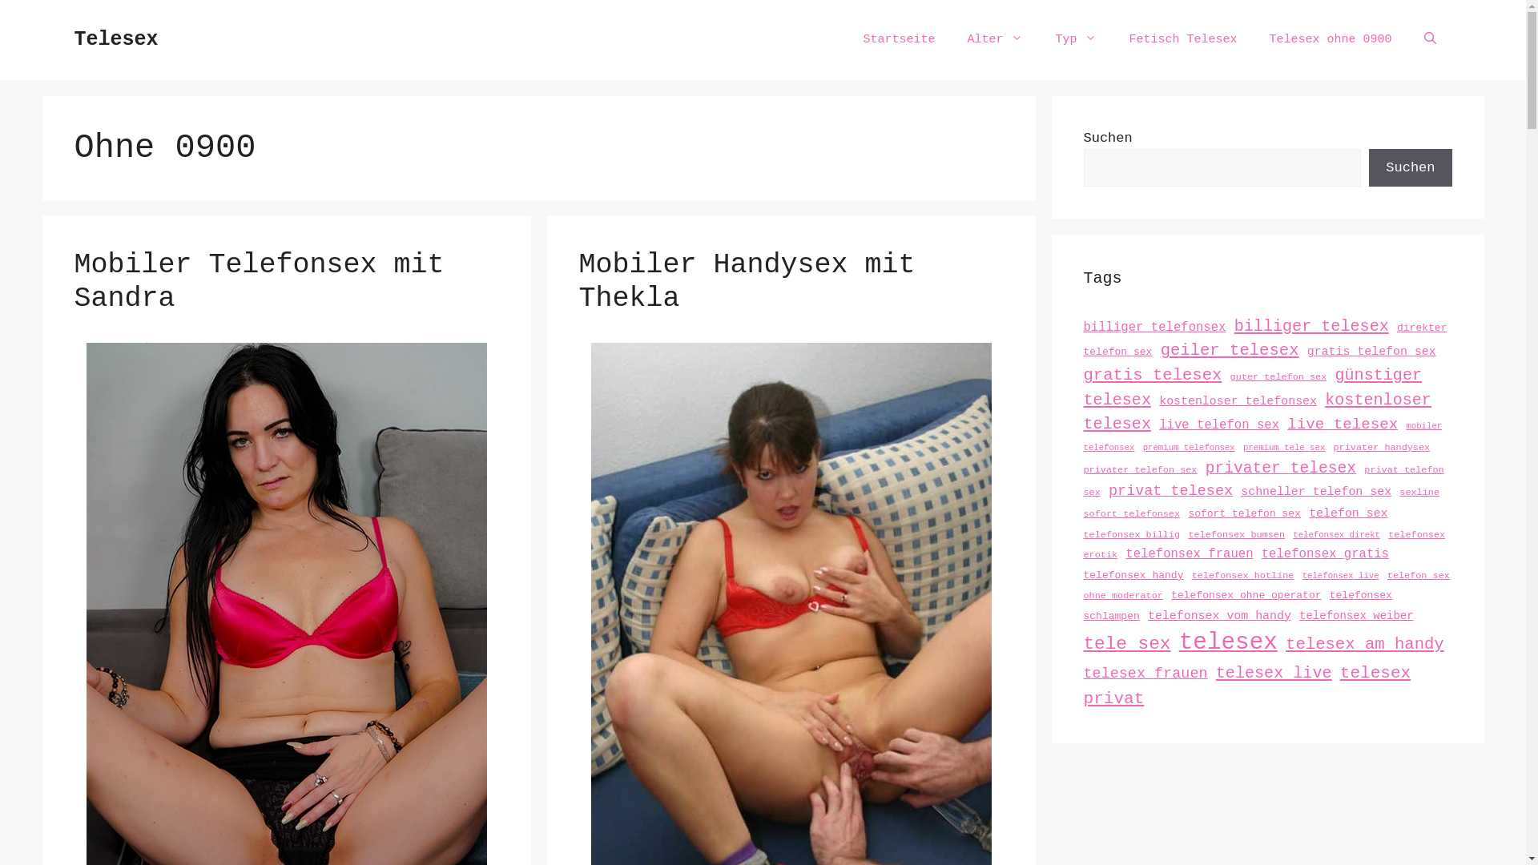 The width and height of the screenshot is (1538, 865). What do you see at coordinates (1132, 573) in the screenshot?
I see `'telefonsex handy'` at bounding box center [1132, 573].